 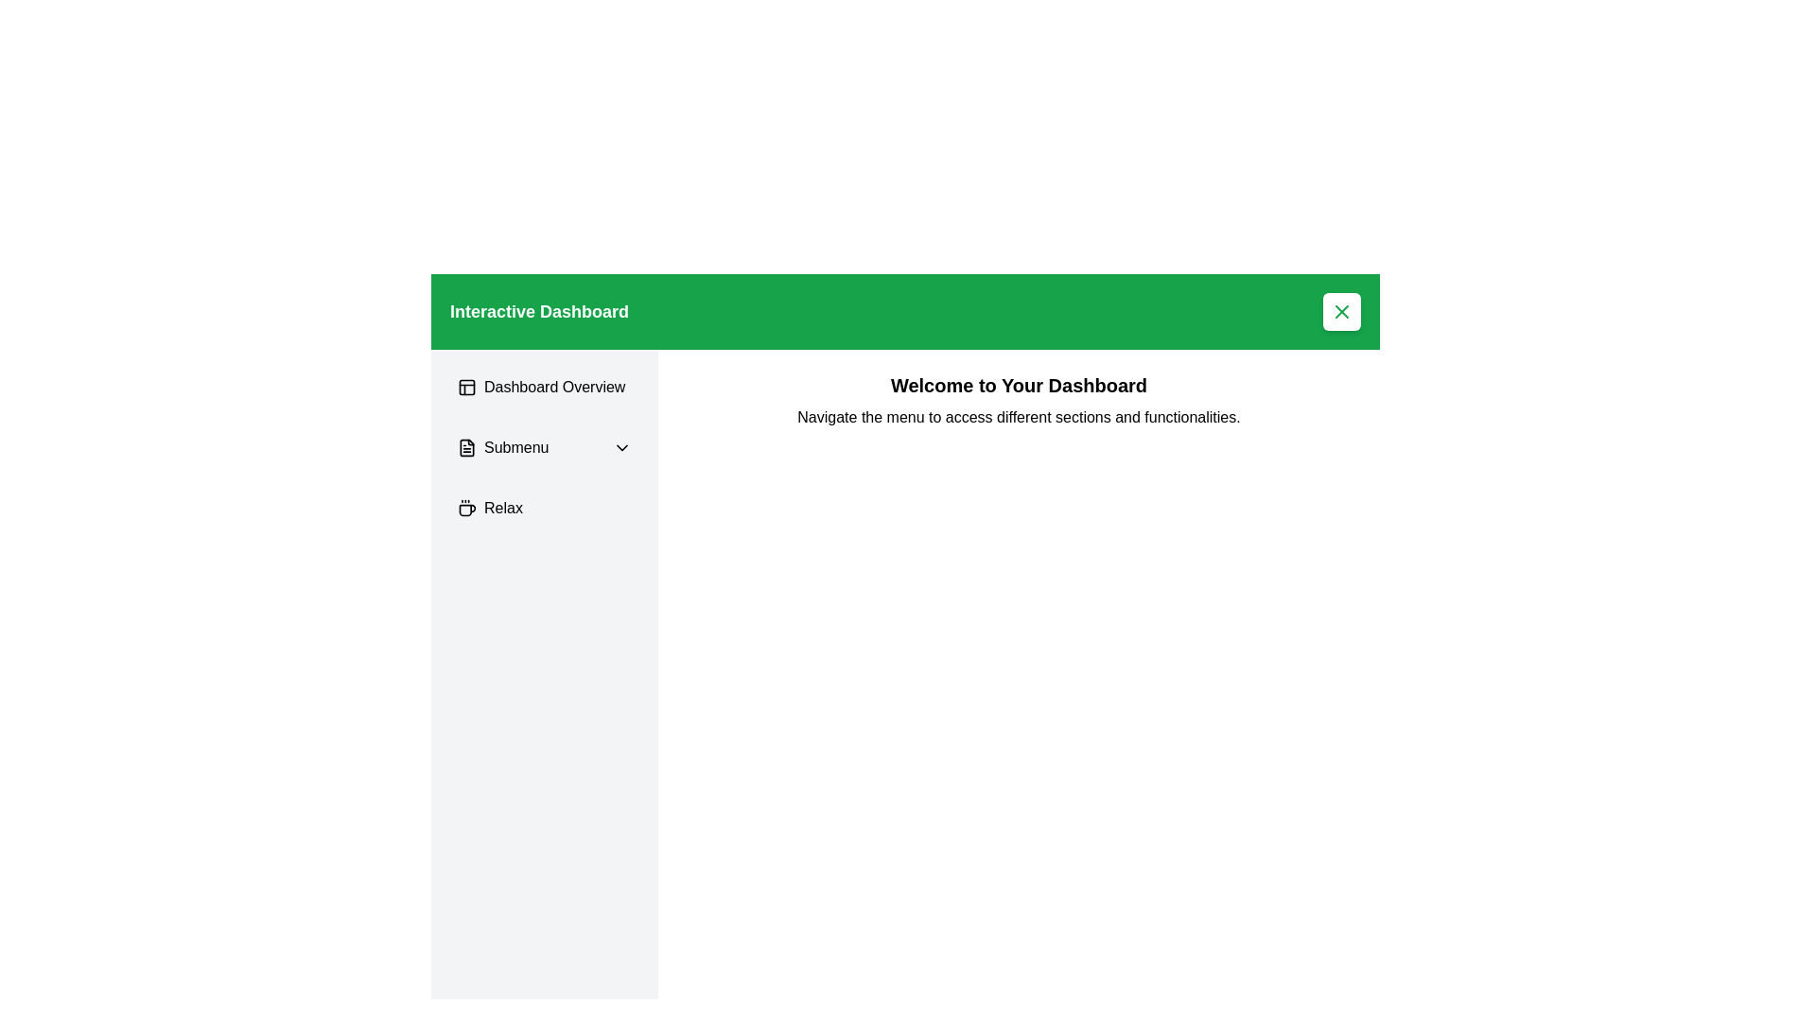 I want to click on the close button represented by an 'X' icon with green strokes and a white background, located in the top-right corner of the green header bar, so click(x=1341, y=311).